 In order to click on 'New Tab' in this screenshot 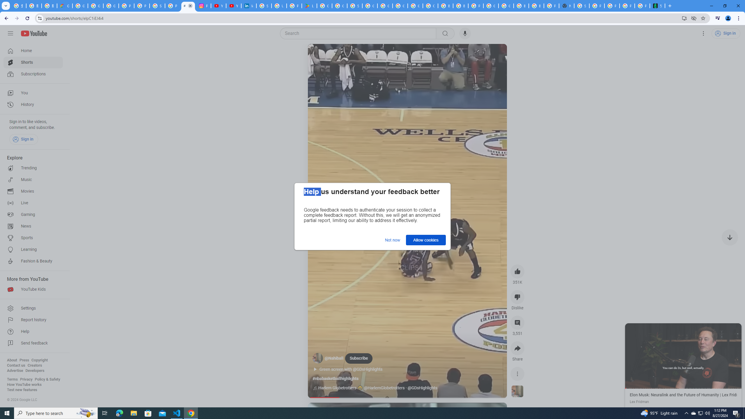, I will do `click(566, 6)`.